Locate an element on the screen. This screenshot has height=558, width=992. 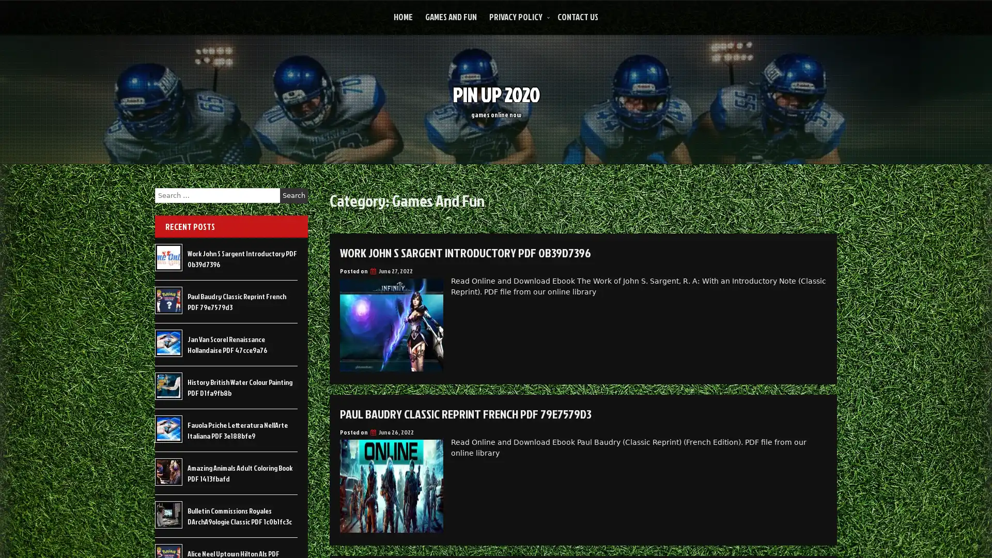
Search is located at coordinates (293, 195).